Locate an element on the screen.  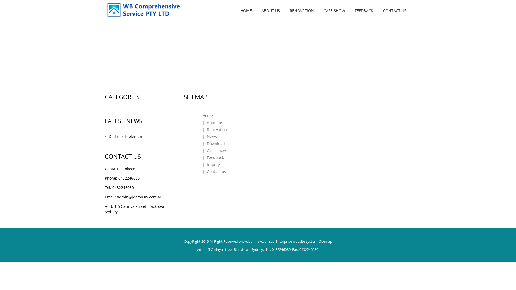
'Home' is located at coordinates (207, 115).